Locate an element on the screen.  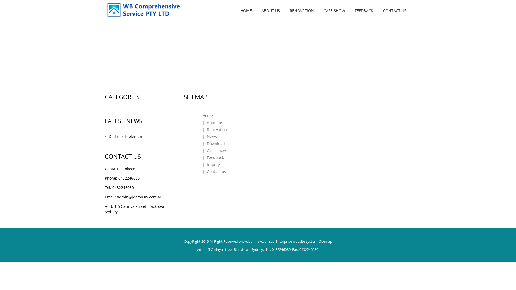
'Home' is located at coordinates (207, 115).